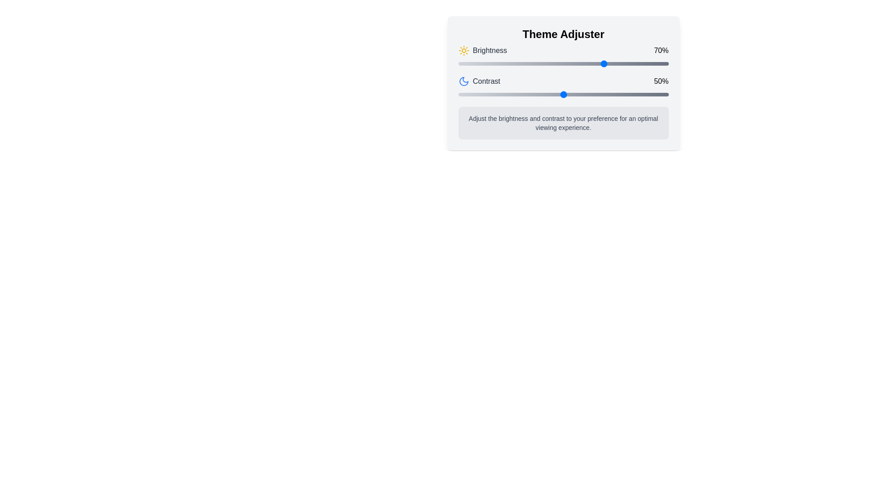  Describe the element at coordinates (661, 50) in the screenshot. I see `the text label displaying '70%' in the brightness adjustment section of the 'Theme Adjuster' interface` at that location.